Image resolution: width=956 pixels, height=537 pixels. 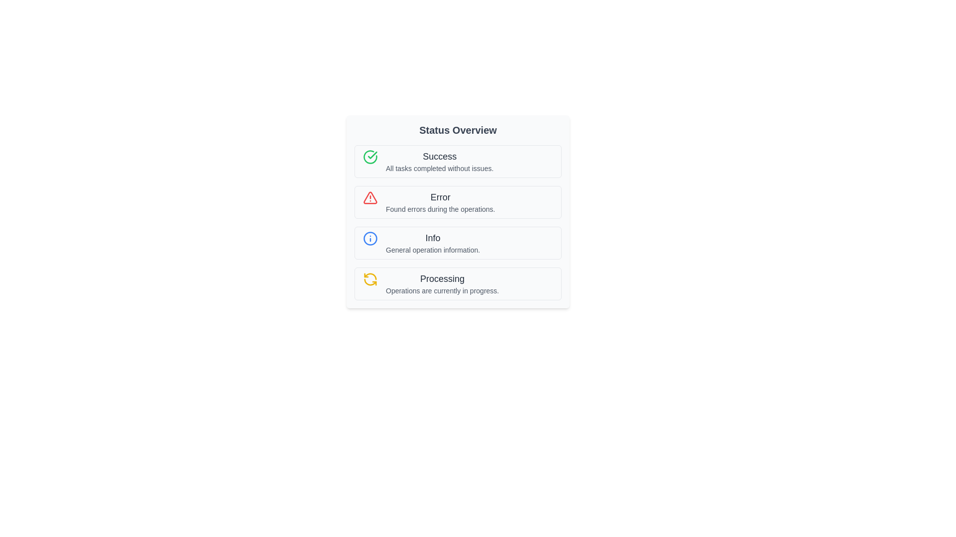 What do you see at coordinates (439, 161) in the screenshot?
I see `the status indicator text block located beneath the 'Status Overview' header, which informs the user that all tasks have been successfully completed without any issues` at bounding box center [439, 161].